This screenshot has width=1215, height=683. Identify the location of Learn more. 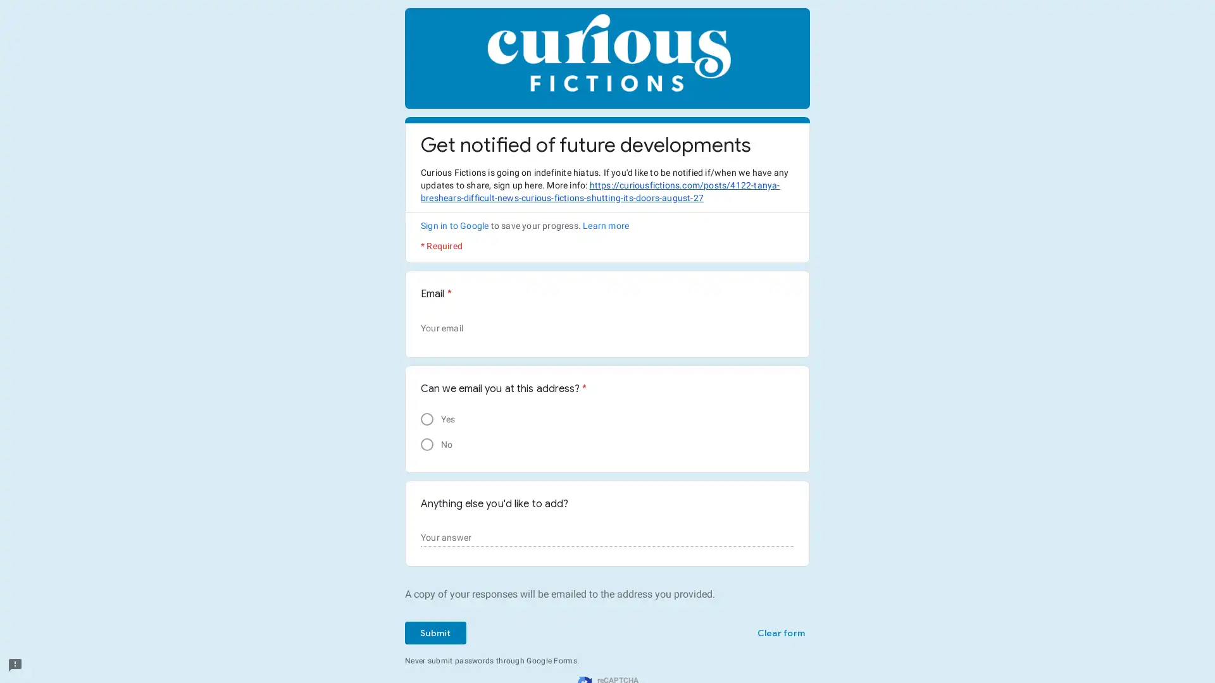
(605, 225).